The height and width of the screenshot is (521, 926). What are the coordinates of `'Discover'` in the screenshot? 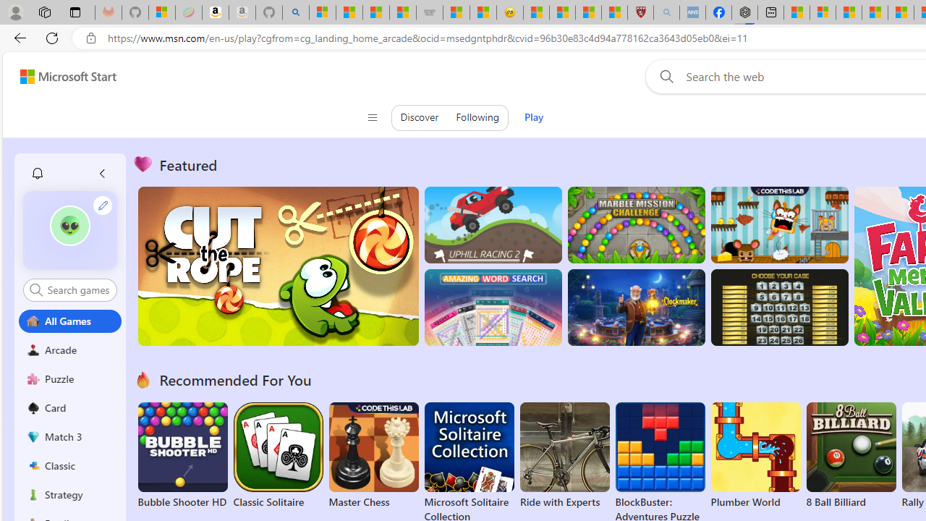 It's located at (418, 117).